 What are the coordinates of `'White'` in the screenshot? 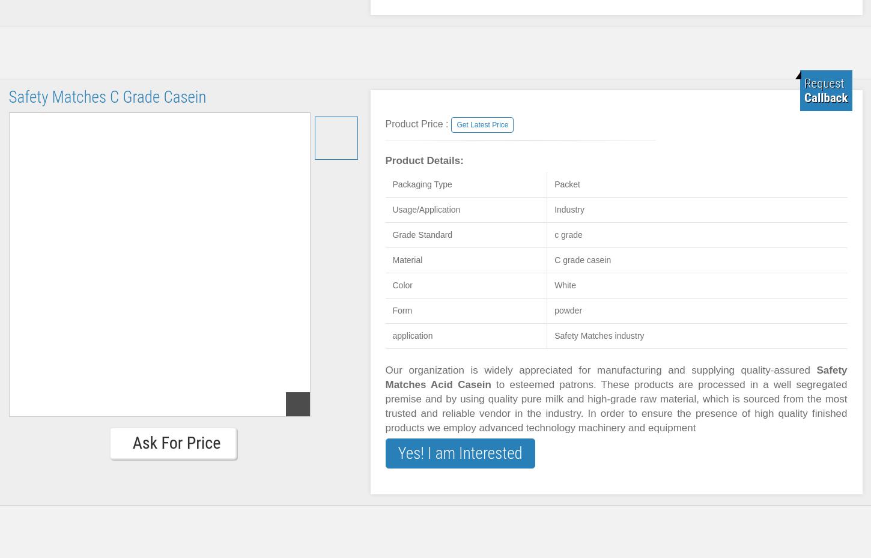 It's located at (564, 285).